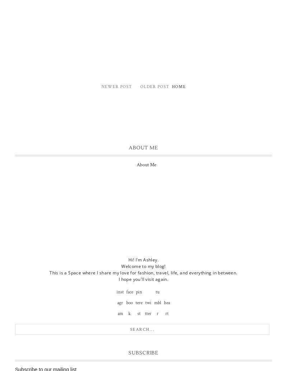 Image resolution: width=287 pixels, height=371 pixels. What do you see at coordinates (148, 308) in the screenshot?
I see `'twitter'` at bounding box center [148, 308].